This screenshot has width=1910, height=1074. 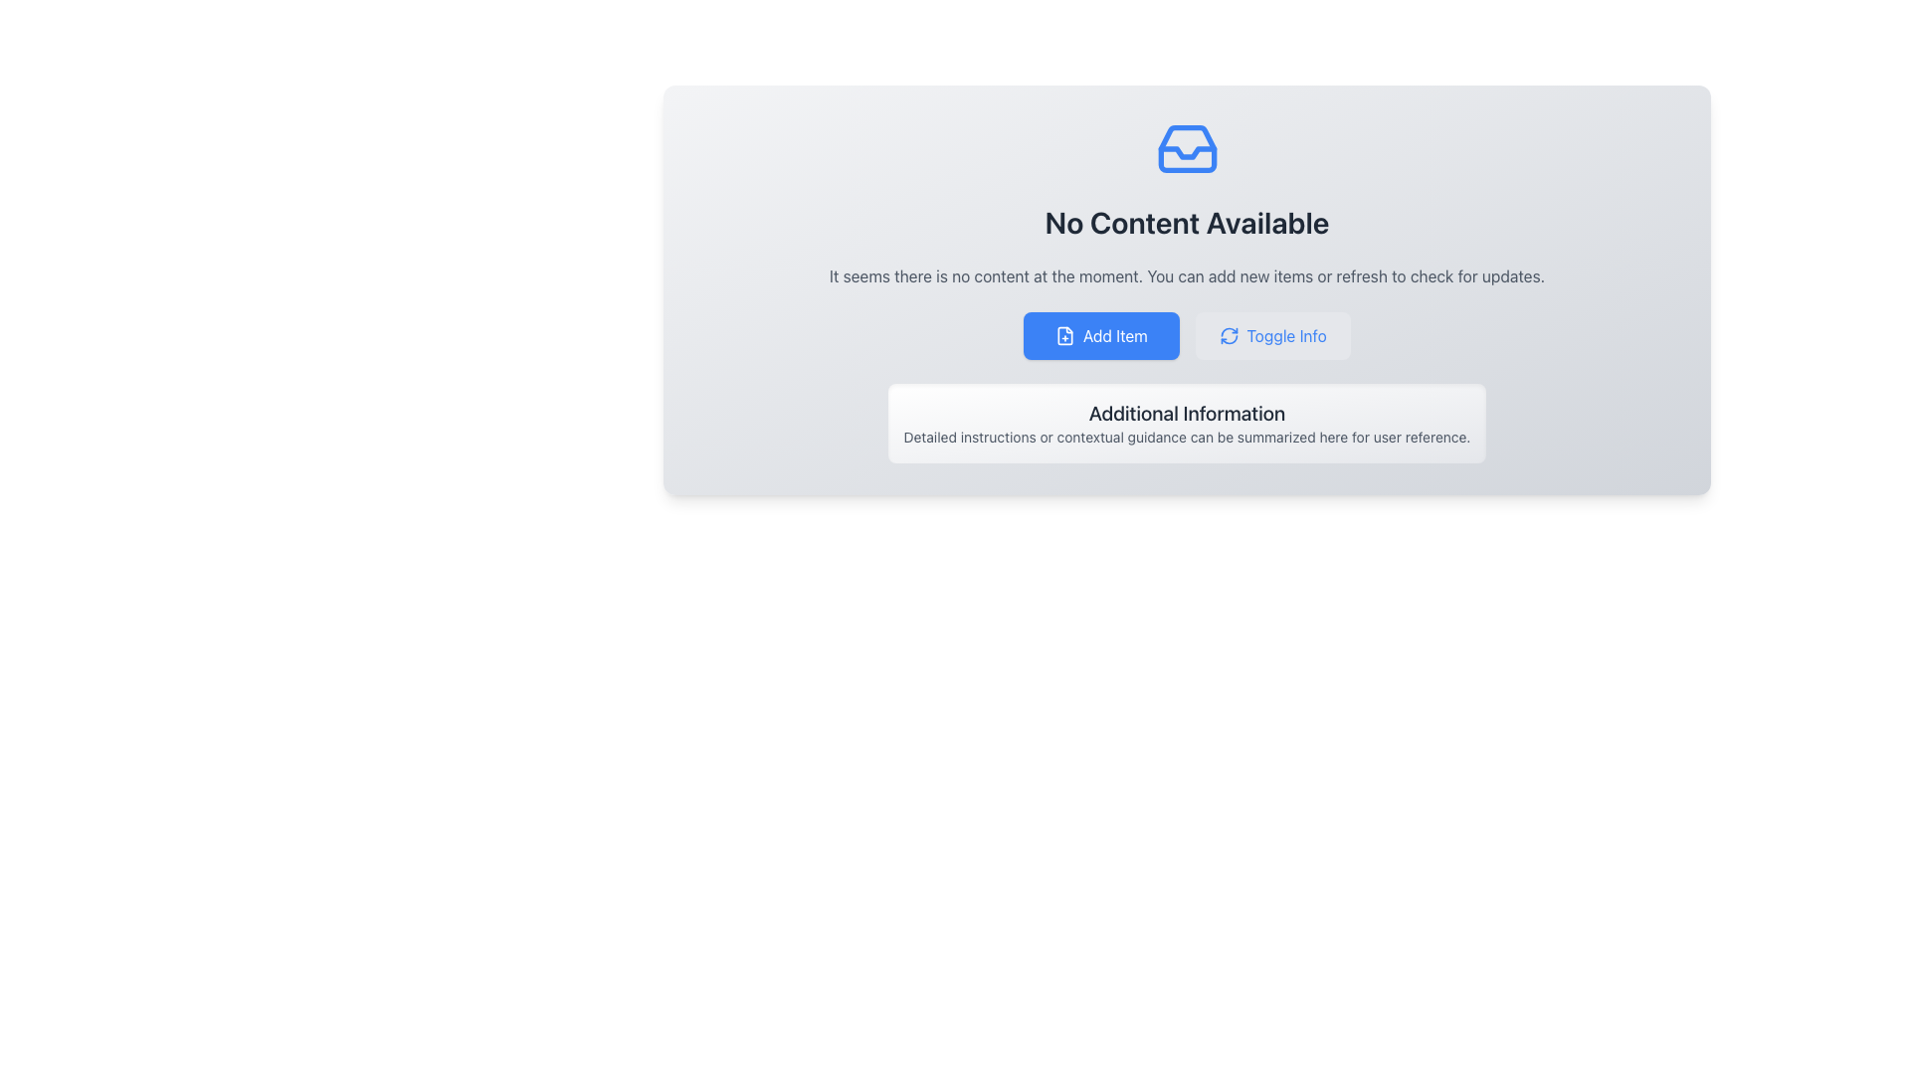 I want to click on the 'Add Item' button that contains a graphical icon resembling a file or document shape with a folded corner, so click(x=1063, y=335).